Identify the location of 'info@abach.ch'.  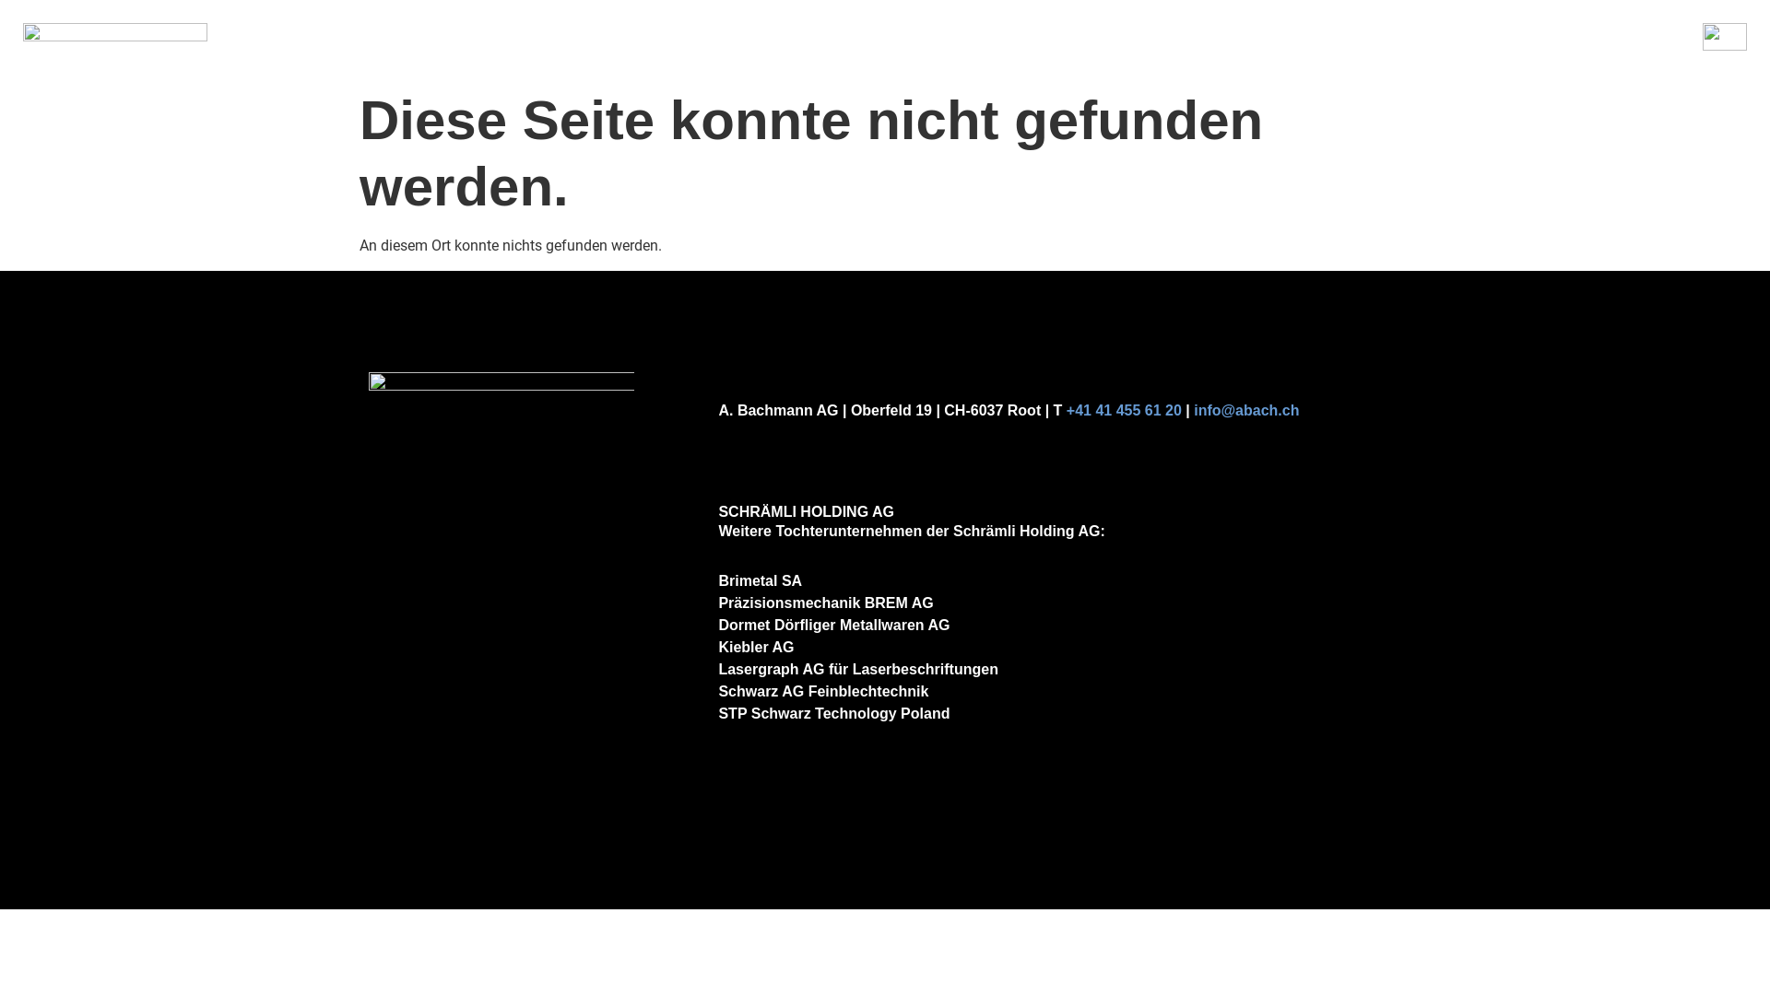
(1246, 409).